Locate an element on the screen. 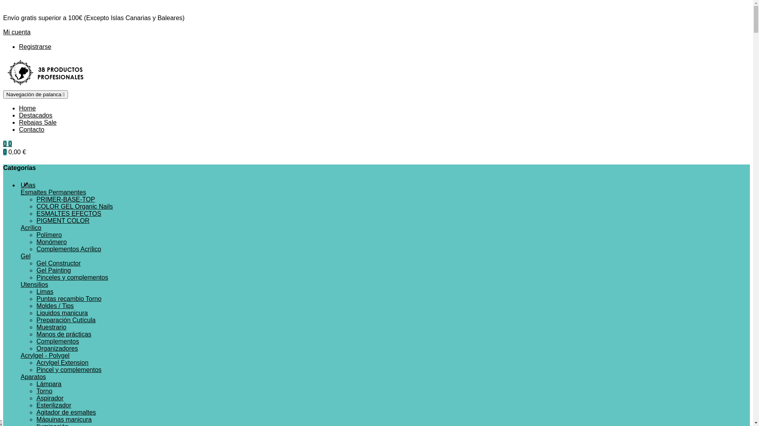 The image size is (759, 426). 'ESMALTES EFECTOS' is located at coordinates (36, 213).